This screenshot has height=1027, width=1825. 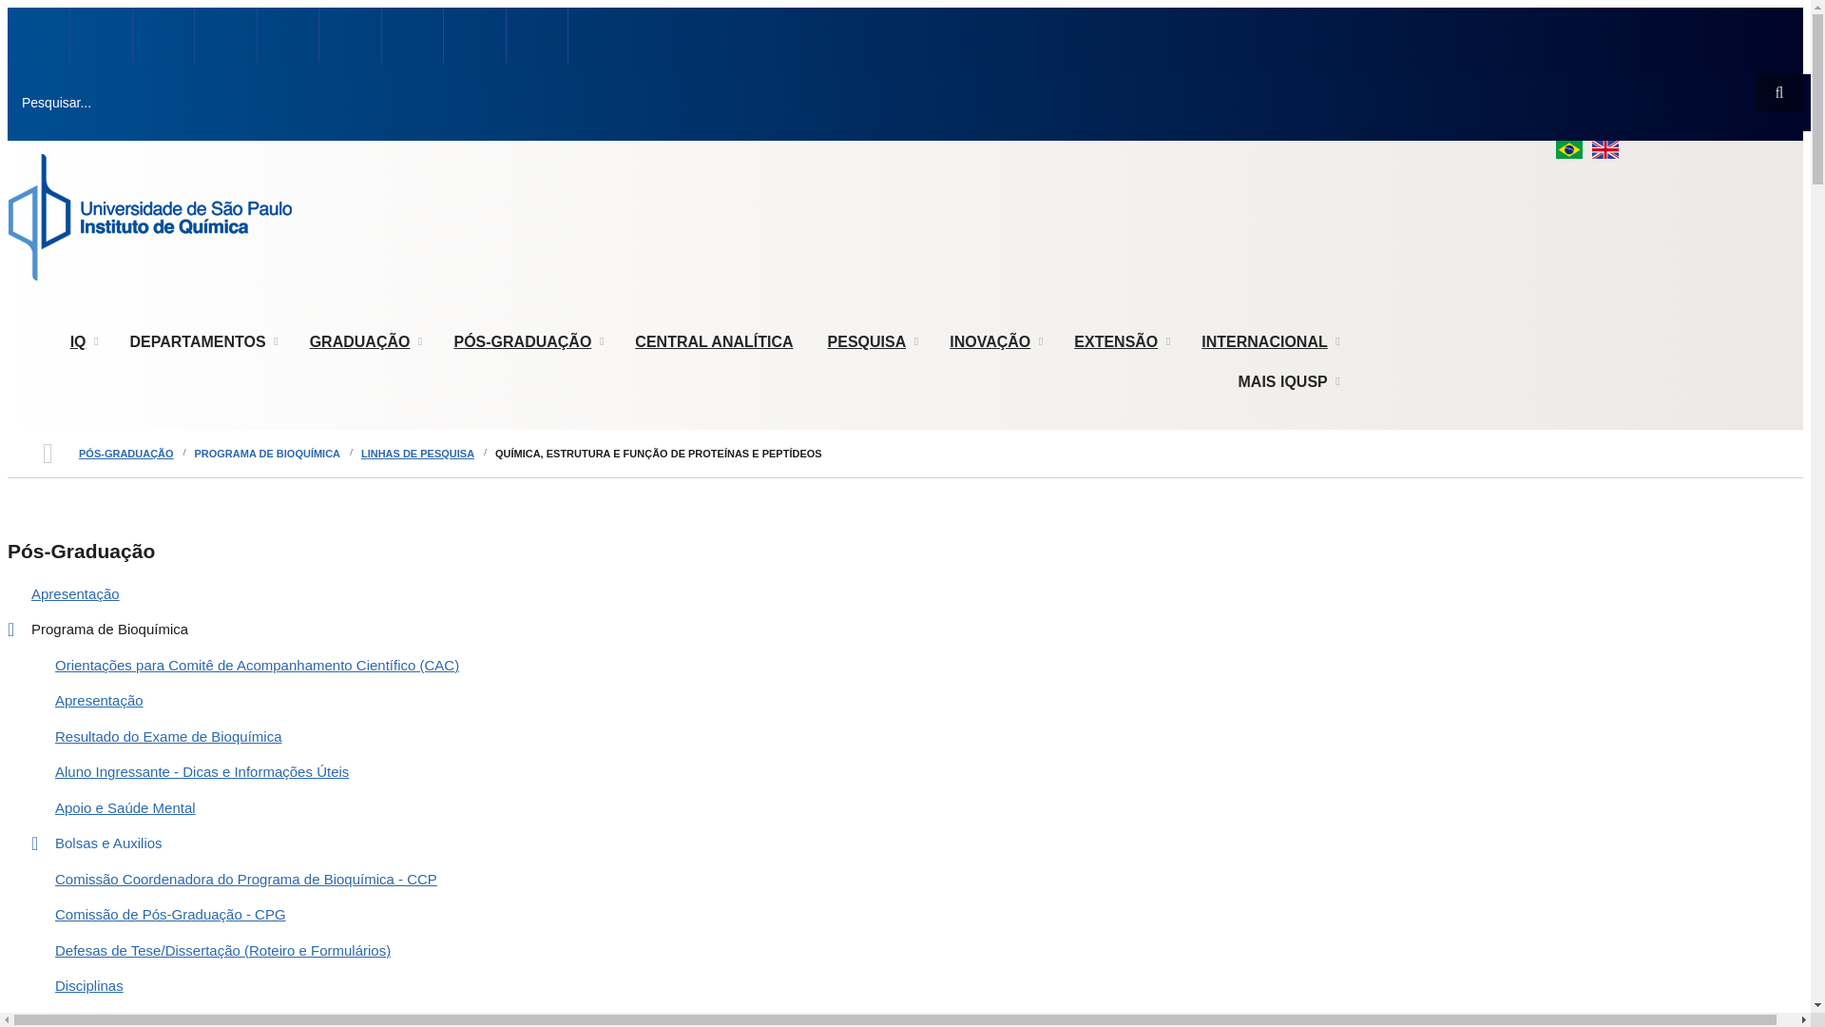 What do you see at coordinates (416, 454) in the screenshot?
I see `'LINHAS DE PESQUISA'` at bounding box center [416, 454].